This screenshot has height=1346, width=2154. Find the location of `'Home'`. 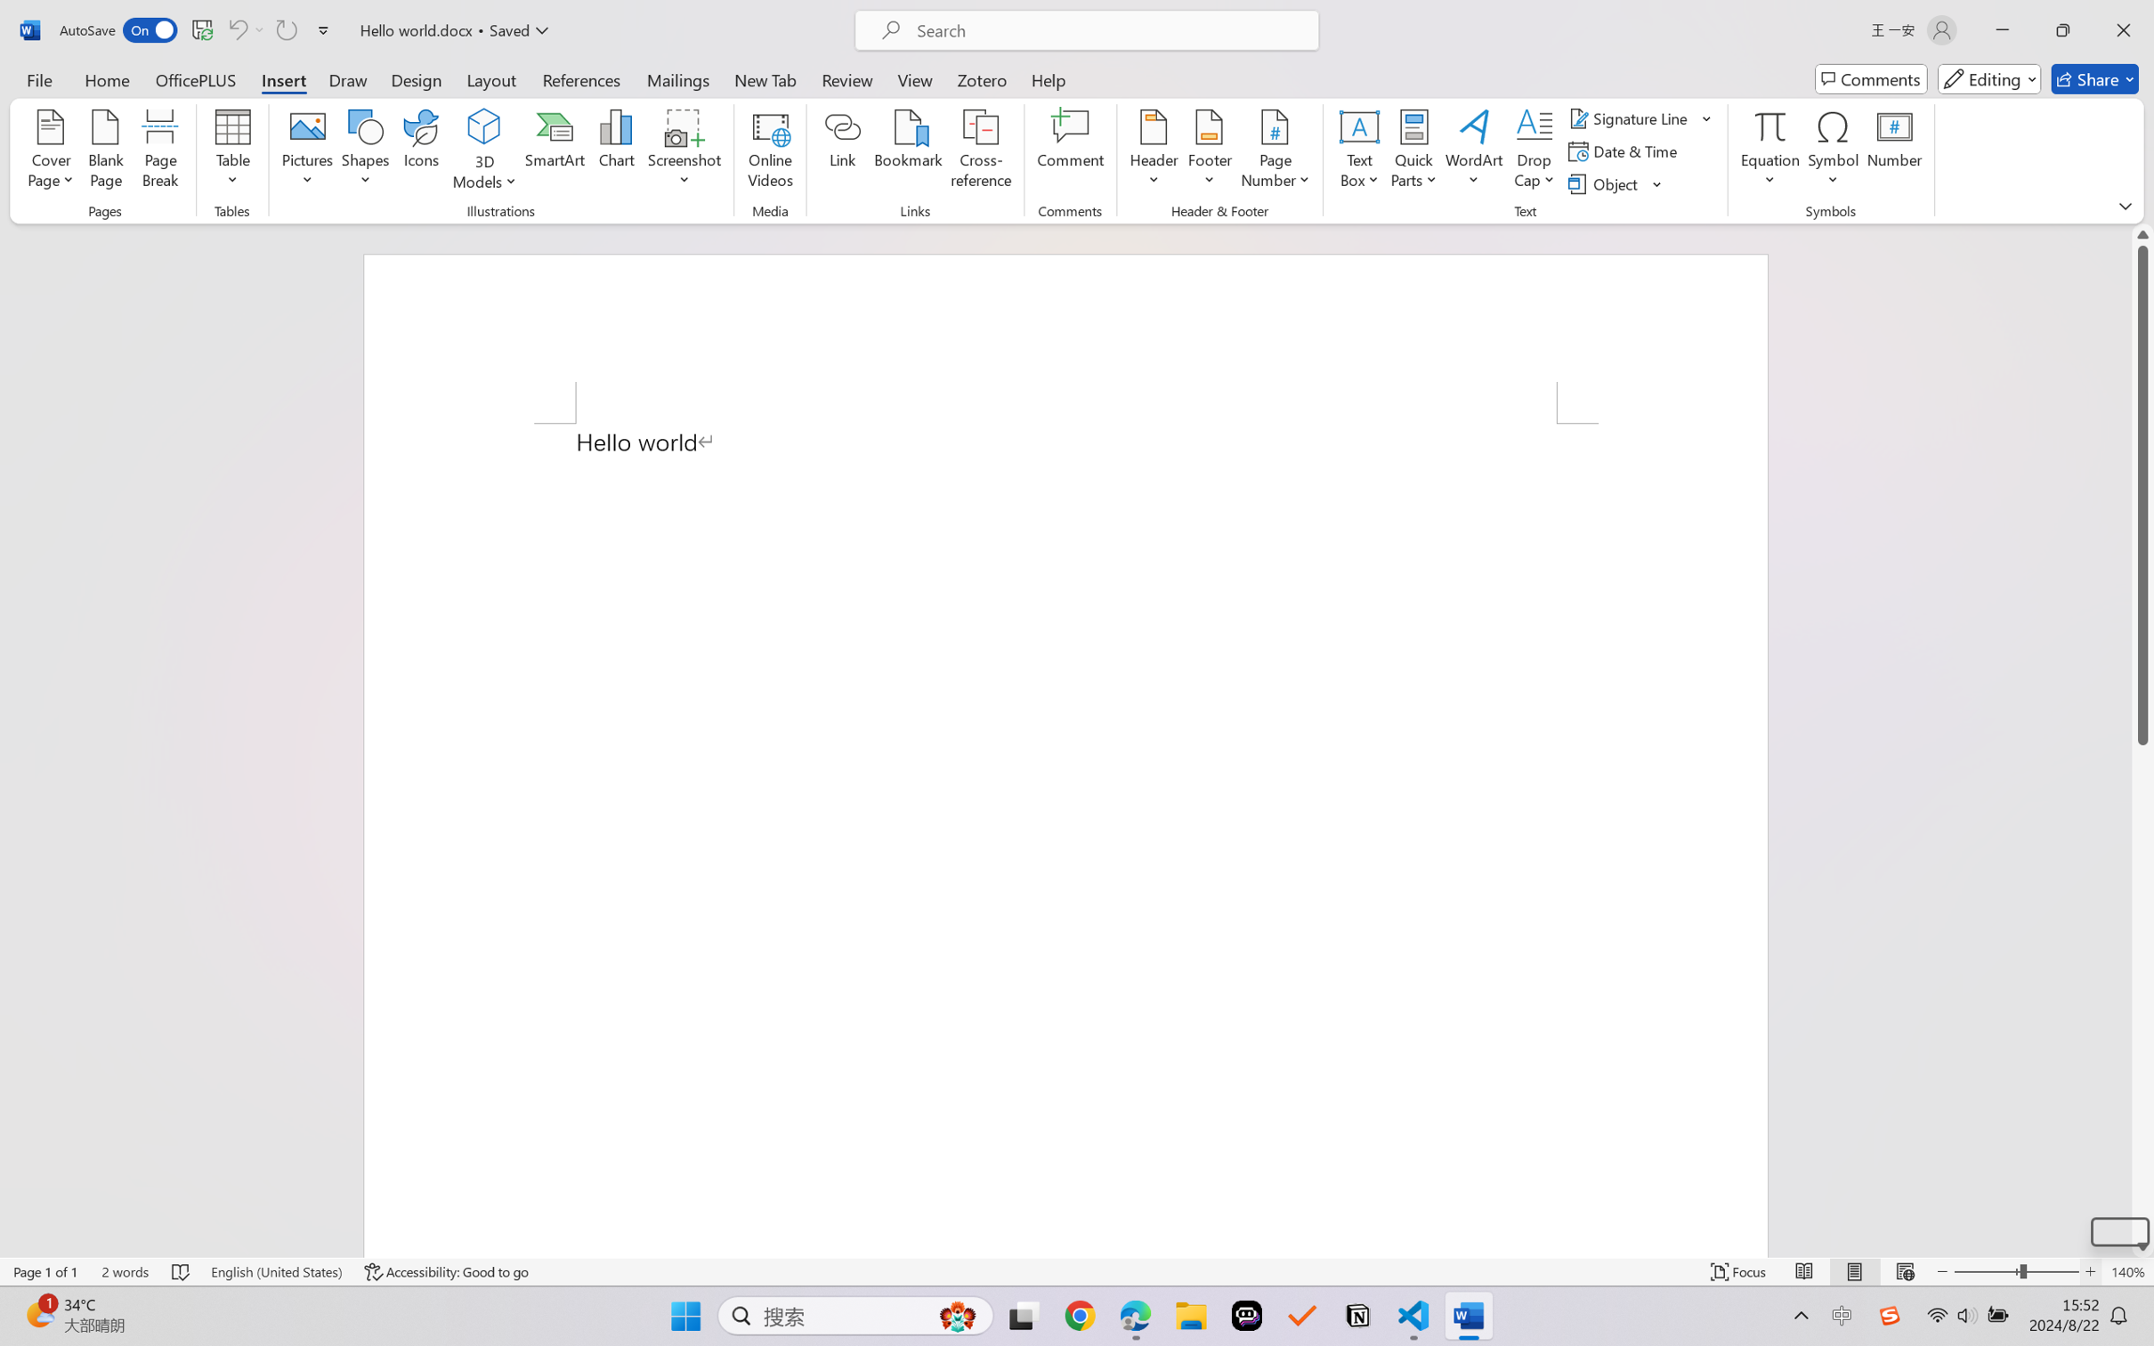

'Home' is located at coordinates (108, 78).